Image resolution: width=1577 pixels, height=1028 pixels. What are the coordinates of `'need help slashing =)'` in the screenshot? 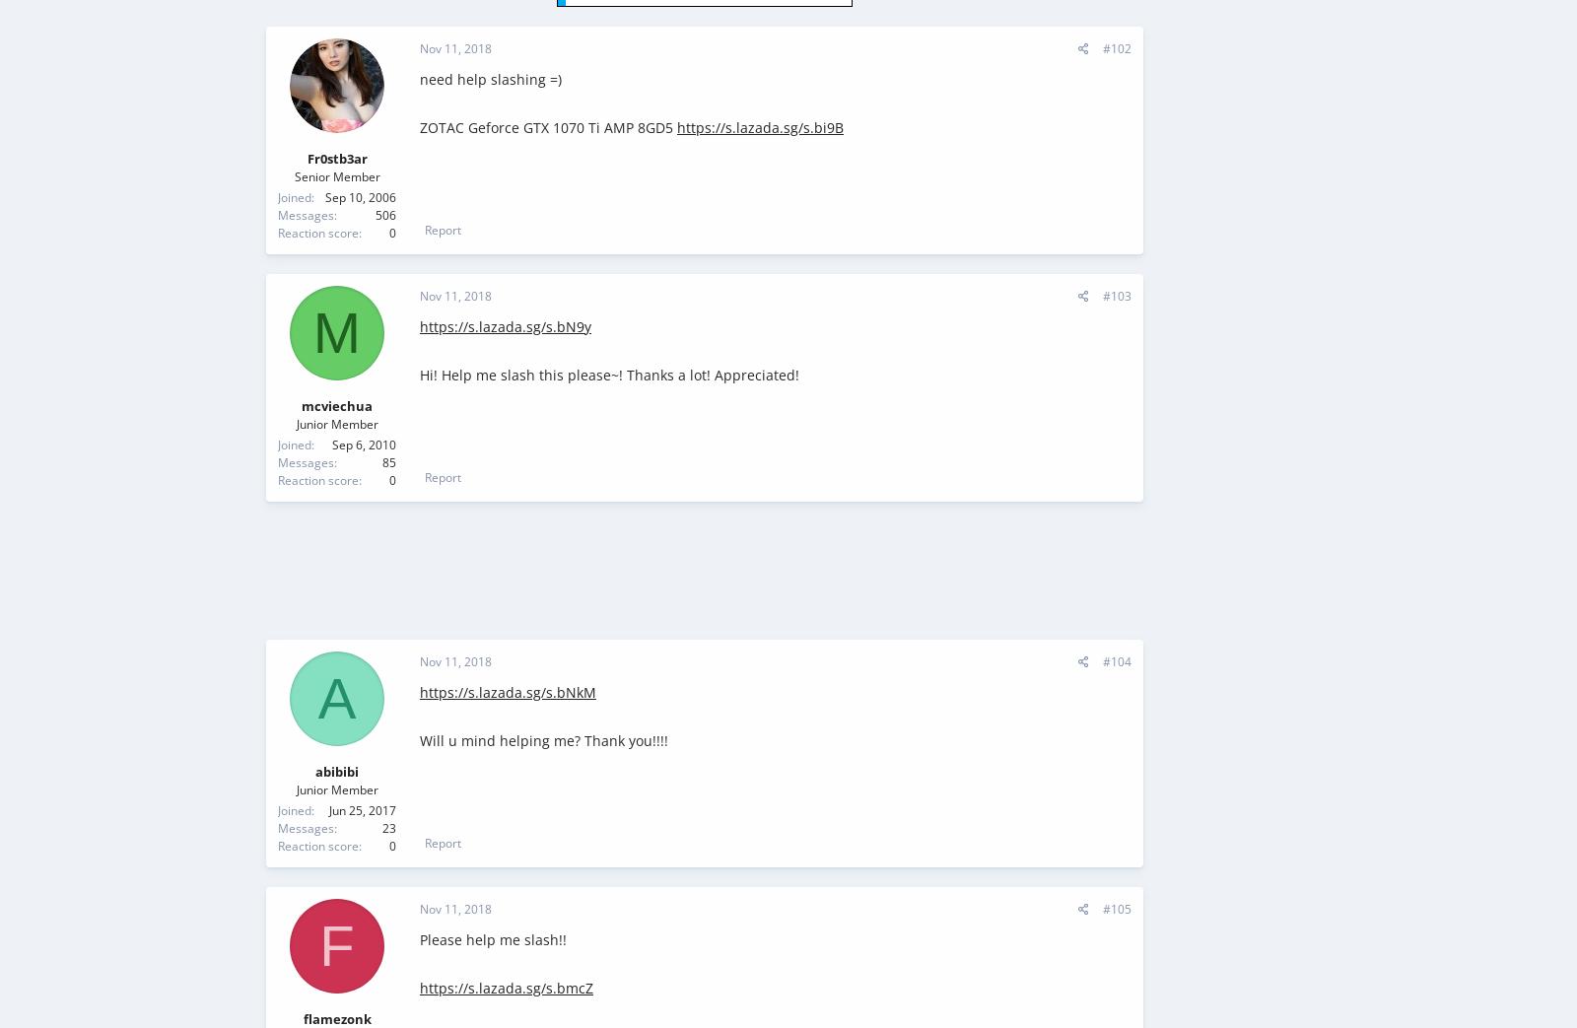 It's located at (490, 79).